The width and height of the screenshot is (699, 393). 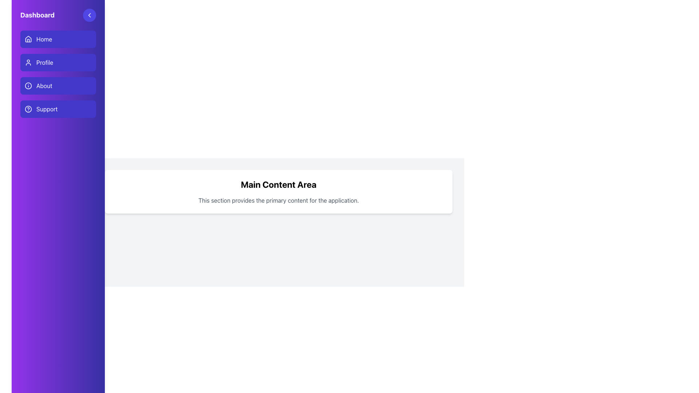 I want to click on the static text element displaying 'This section provides the primary content for the application.' which is styled with a gray font and located below the heading 'Main Content Area', so click(x=278, y=201).